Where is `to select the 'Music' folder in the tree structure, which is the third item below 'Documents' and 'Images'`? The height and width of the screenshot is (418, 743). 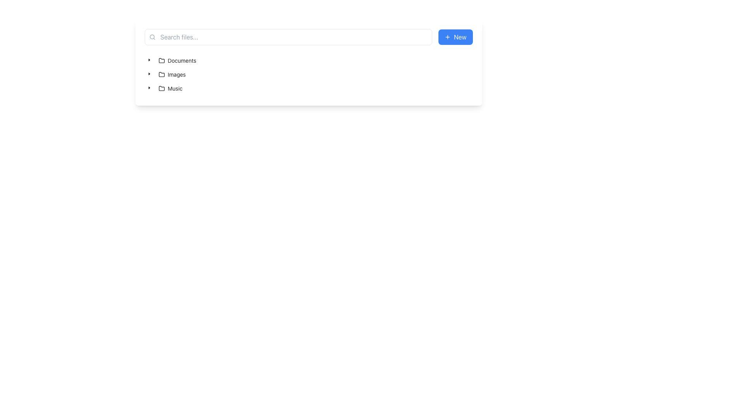 to select the 'Music' folder in the tree structure, which is the third item below 'Documents' and 'Images' is located at coordinates (170, 88).